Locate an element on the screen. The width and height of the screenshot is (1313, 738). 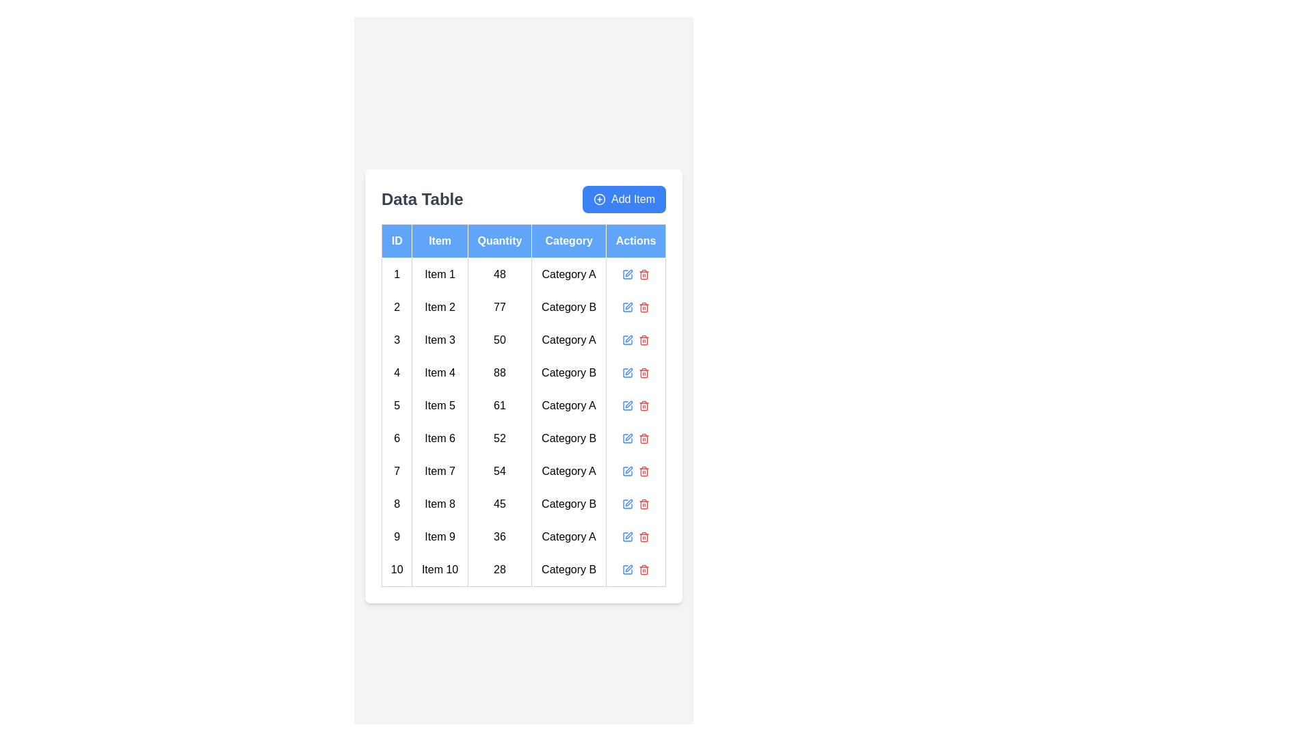
the 'Item 5' text label is located at coordinates (440, 405).